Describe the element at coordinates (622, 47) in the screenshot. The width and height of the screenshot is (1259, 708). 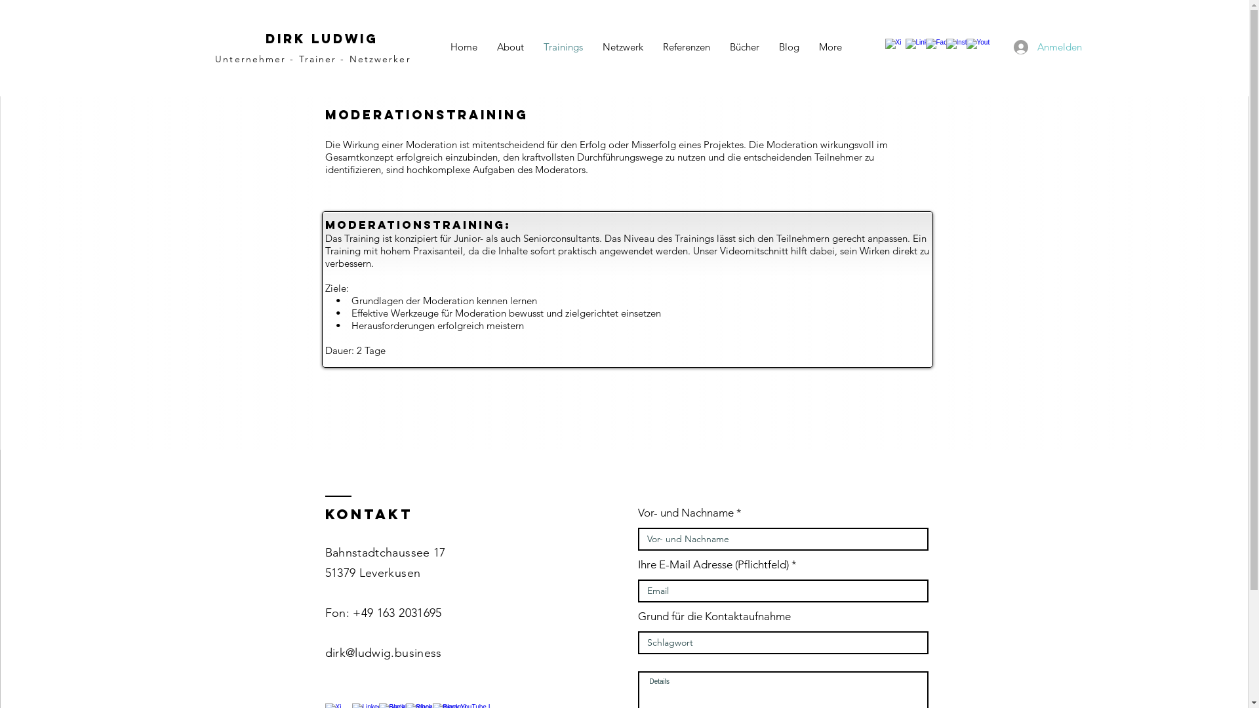
I see `'Netzwerk'` at that location.